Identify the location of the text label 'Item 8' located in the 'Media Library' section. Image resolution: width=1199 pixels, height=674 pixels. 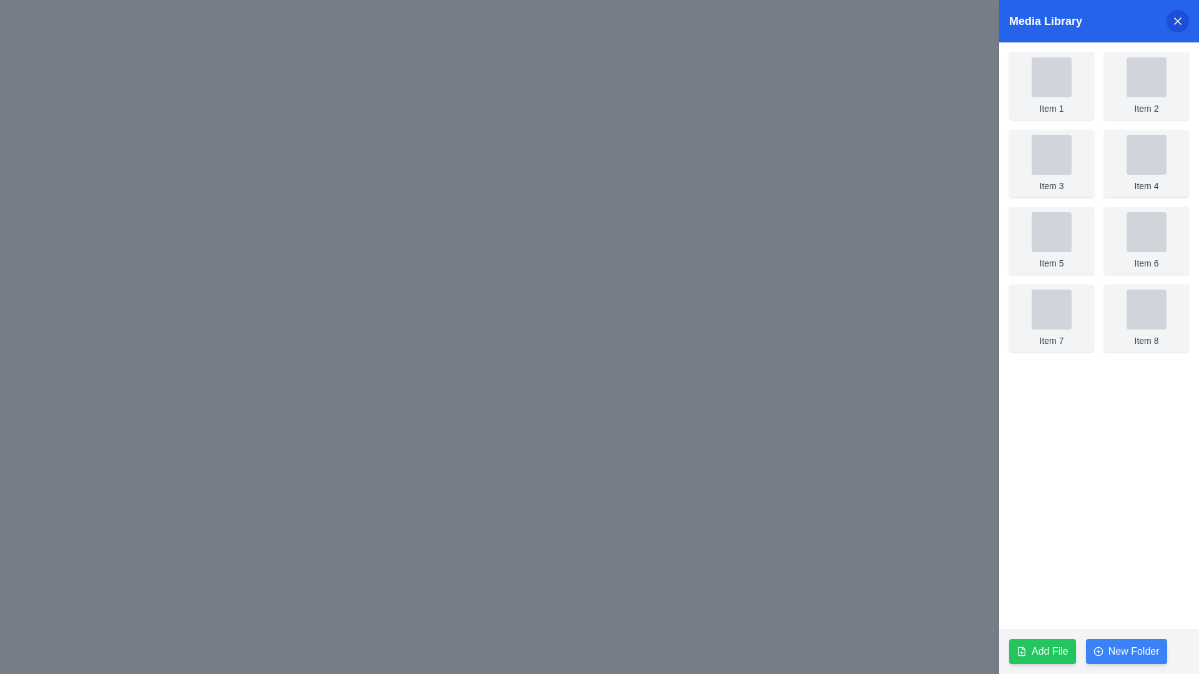
(1146, 341).